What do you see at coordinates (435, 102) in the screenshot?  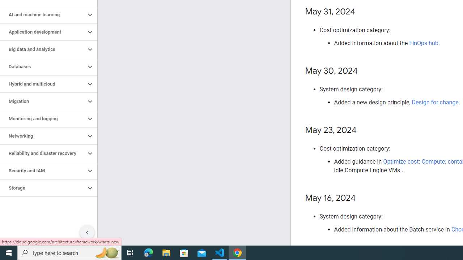 I see `'Design for change'` at bounding box center [435, 102].